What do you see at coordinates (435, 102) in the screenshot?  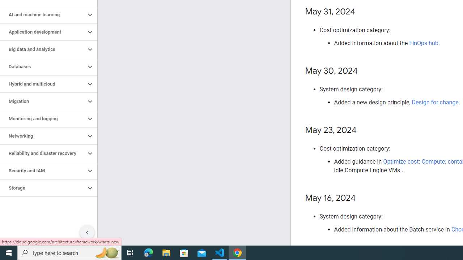 I see `'Design for change'` at bounding box center [435, 102].